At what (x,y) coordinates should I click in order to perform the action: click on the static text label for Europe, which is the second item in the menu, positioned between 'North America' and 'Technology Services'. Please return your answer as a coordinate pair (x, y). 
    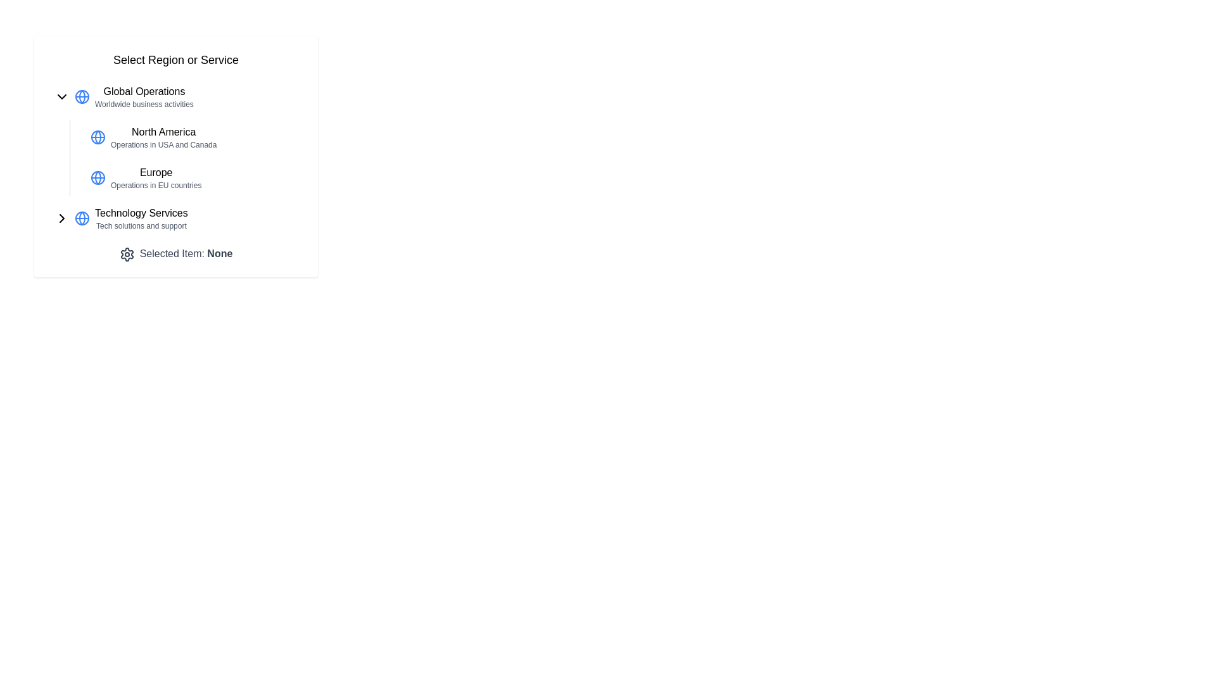
    Looking at the image, I should click on (155, 178).